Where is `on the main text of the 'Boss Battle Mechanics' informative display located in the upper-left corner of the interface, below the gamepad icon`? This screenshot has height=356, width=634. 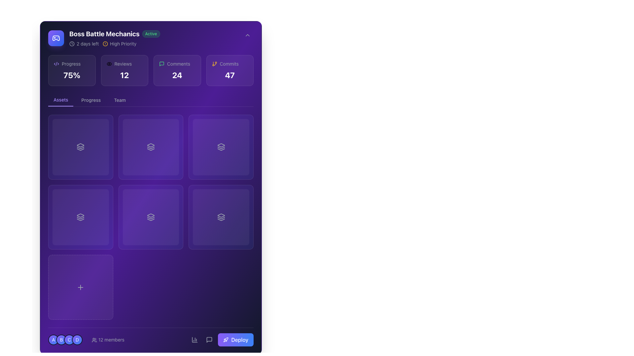
on the main text of the 'Boss Battle Mechanics' informative display located in the upper-left corner of the interface, below the gamepad icon is located at coordinates (115, 38).